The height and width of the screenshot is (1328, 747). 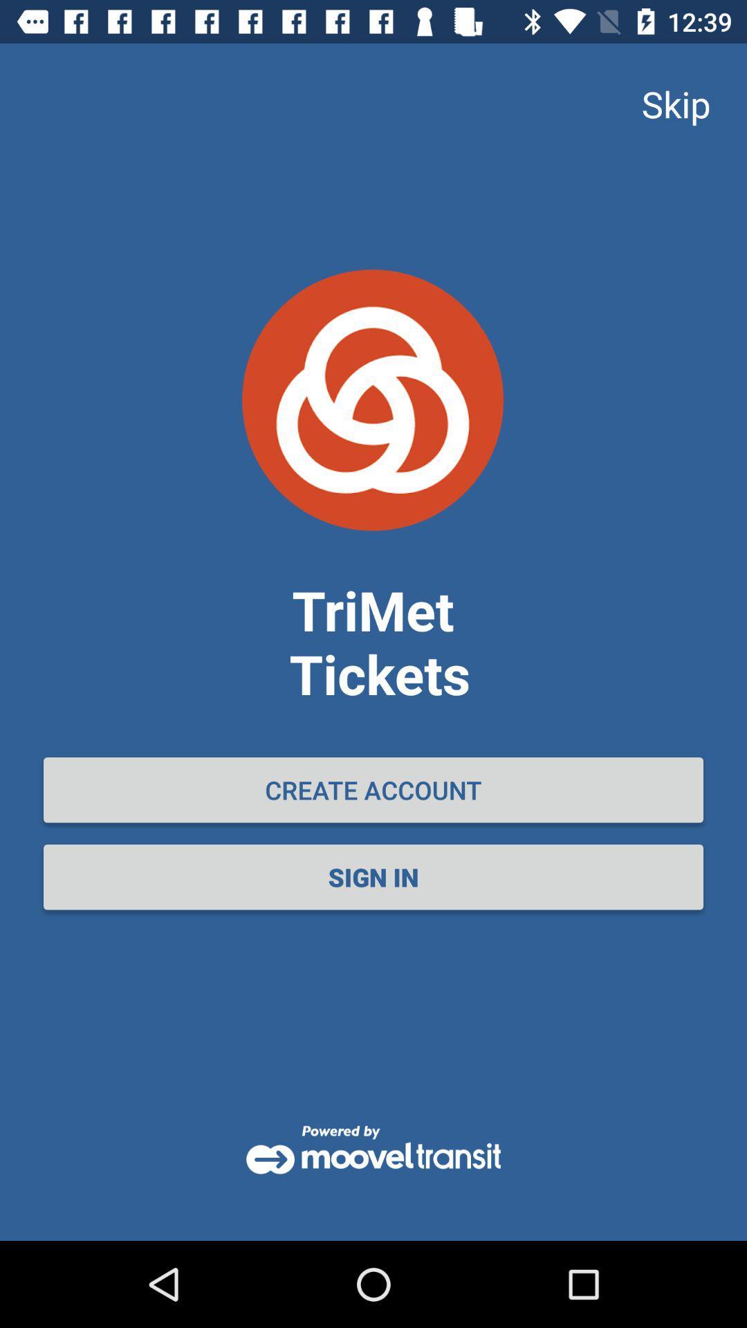 What do you see at coordinates (373, 790) in the screenshot?
I see `the create account icon` at bounding box center [373, 790].